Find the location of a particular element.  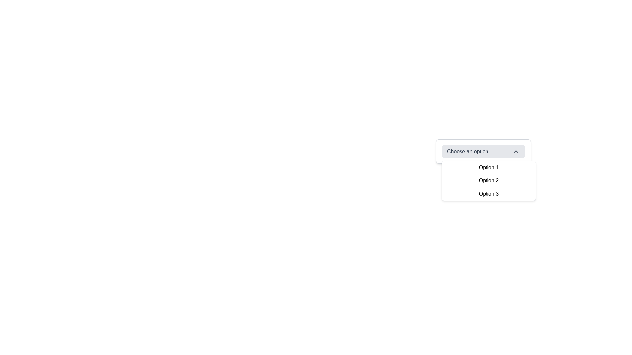

the dropdown menu located below the 'Choose an option' label is located at coordinates (488, 181).